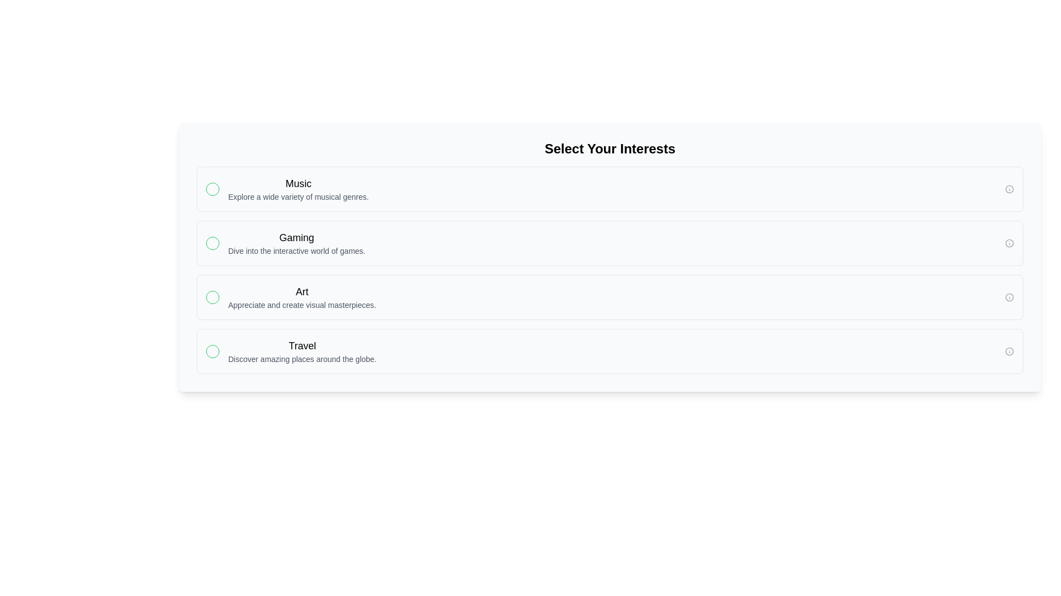 The image size is (1061, 596). I want to click on the information icon next to the Music option to read its detailed description, so click(1010, 189).